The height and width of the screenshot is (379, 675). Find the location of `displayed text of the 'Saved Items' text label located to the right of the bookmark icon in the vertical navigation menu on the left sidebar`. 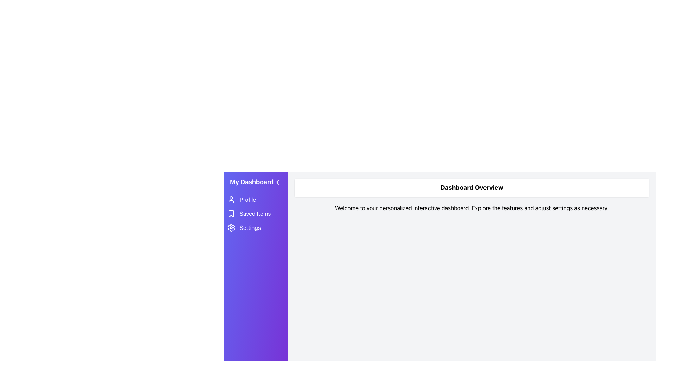

displayed text of the 'Saved Items' text label located to the right of the bookmark icon in the vertical navigation menu on the left sidebar is located at coordinates (255, 213).